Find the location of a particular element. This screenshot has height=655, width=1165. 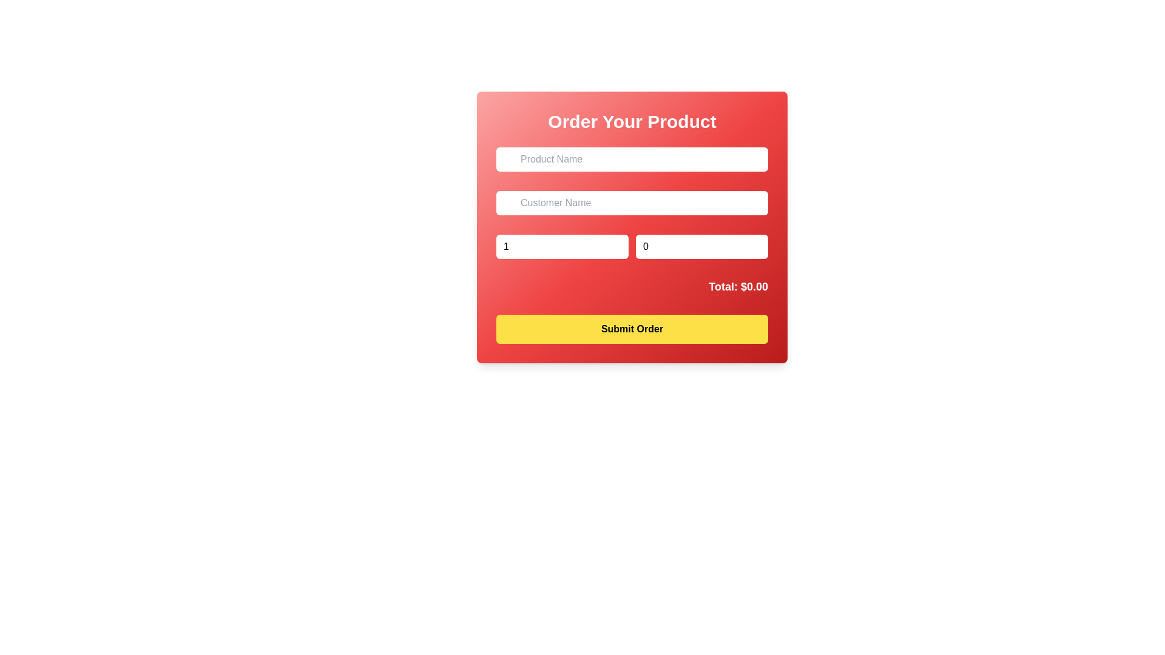

the right number input field labeled 'Price per Unit' to focus and change the price per unit is located at coordinates (631, 238).